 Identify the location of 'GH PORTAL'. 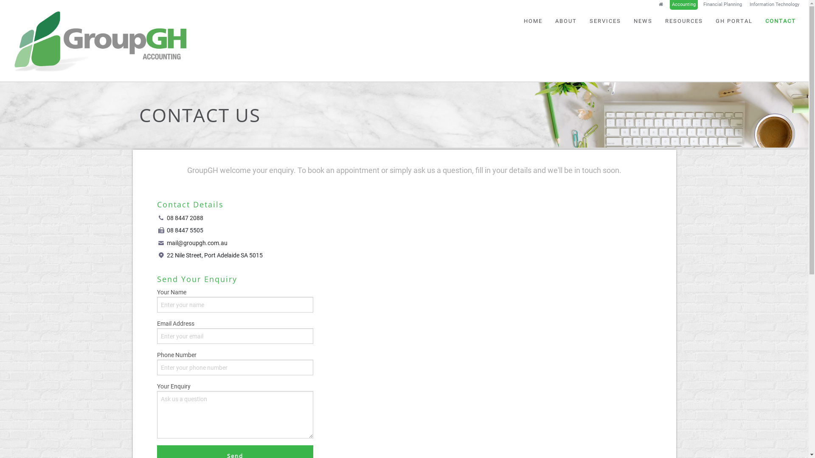
(733, 20).